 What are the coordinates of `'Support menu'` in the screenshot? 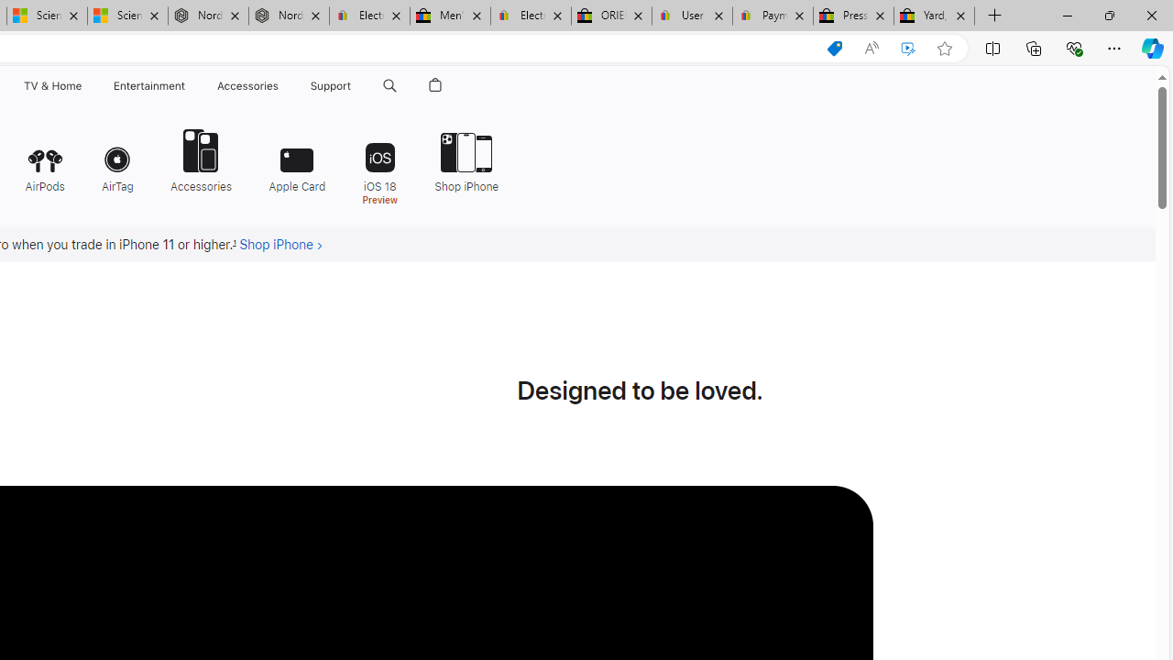 It's located at (355, 85).